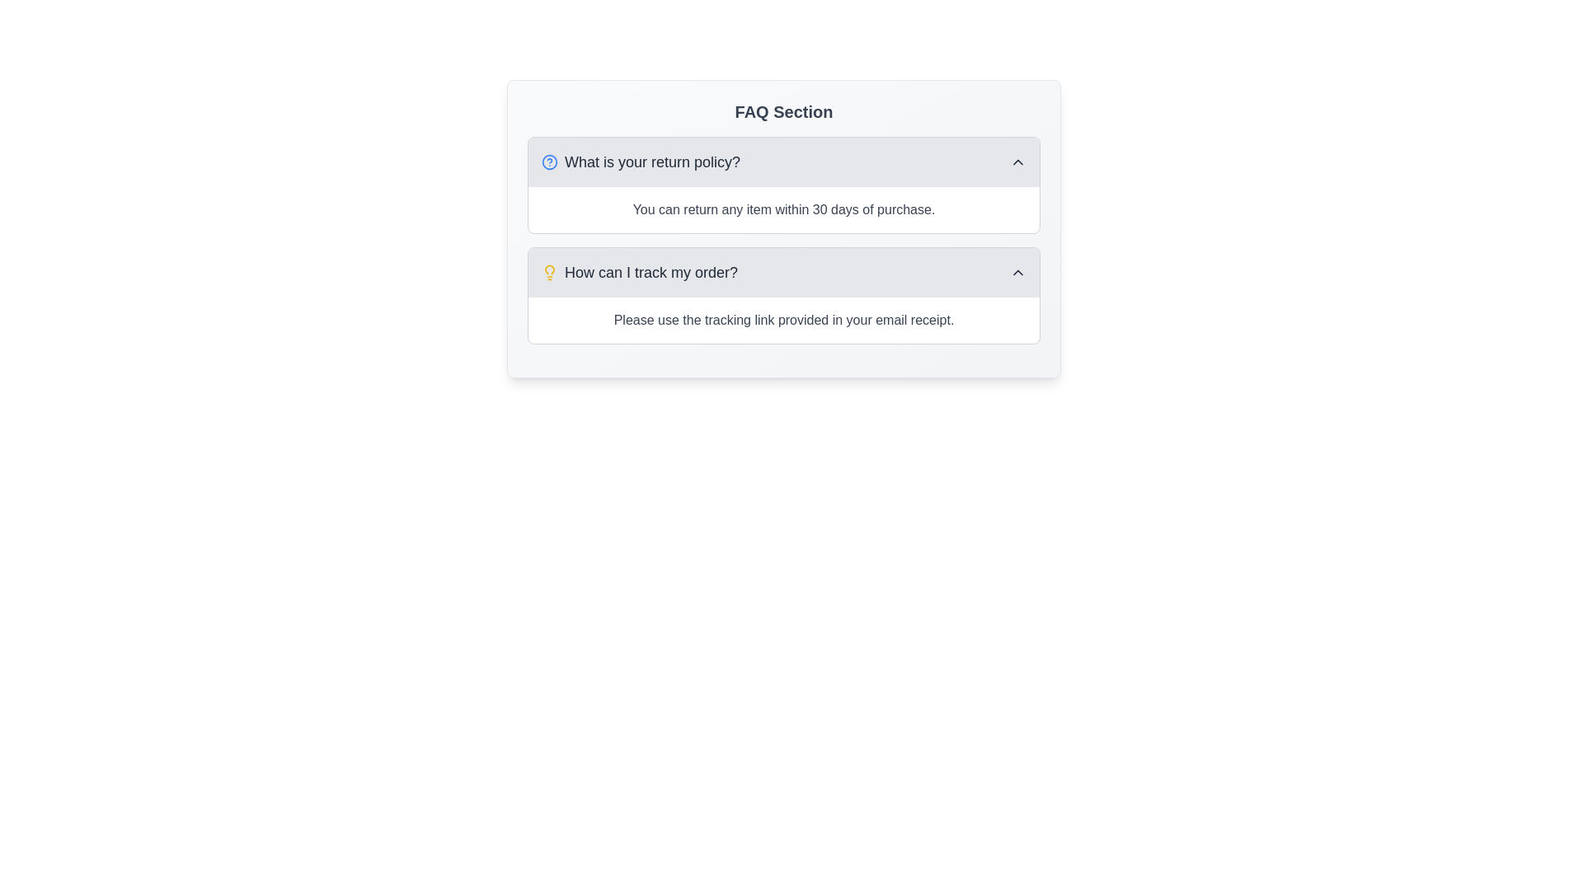  I want to click on the FAQ entry title that displays the question 'What is your return policy?' which is located at the top of the FAQ list and immediately to the right of the help icon, so click(651, 162).